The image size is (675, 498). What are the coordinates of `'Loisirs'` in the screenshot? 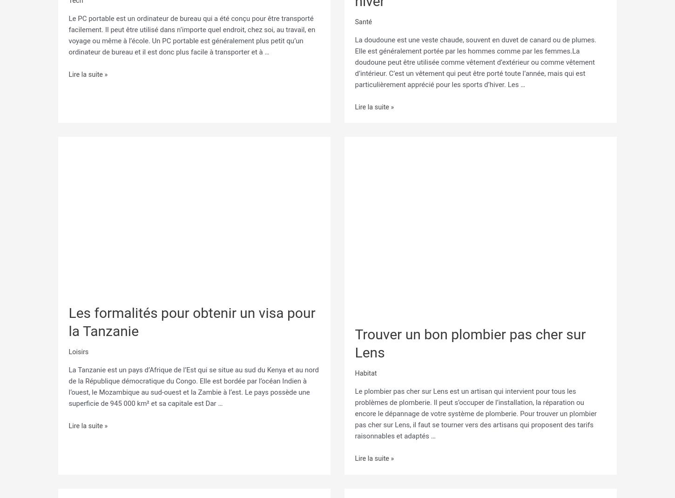 It's located at (78, 348).